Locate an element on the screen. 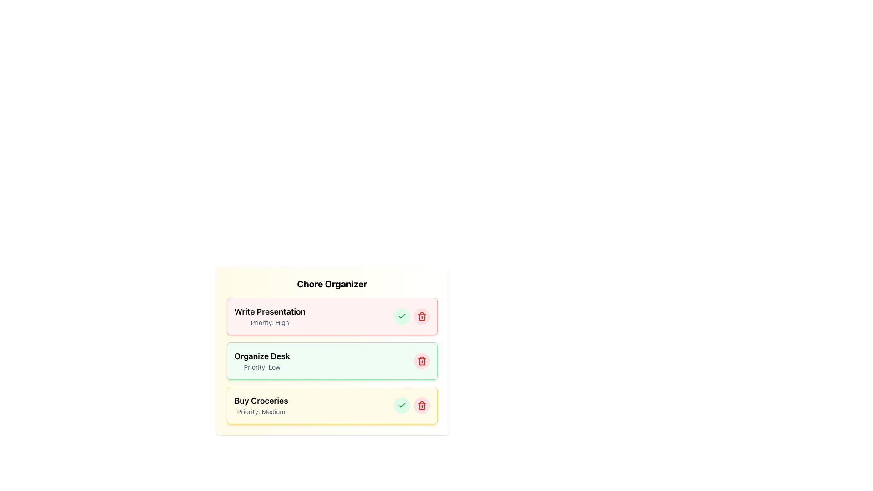  the informational text element that displays 'Write Presentation' in bold and 'Priority: High' in a smaller font, distinguished by a red background, located at the top of the task list in the chore organizer section is located at coordinates (331, 316).